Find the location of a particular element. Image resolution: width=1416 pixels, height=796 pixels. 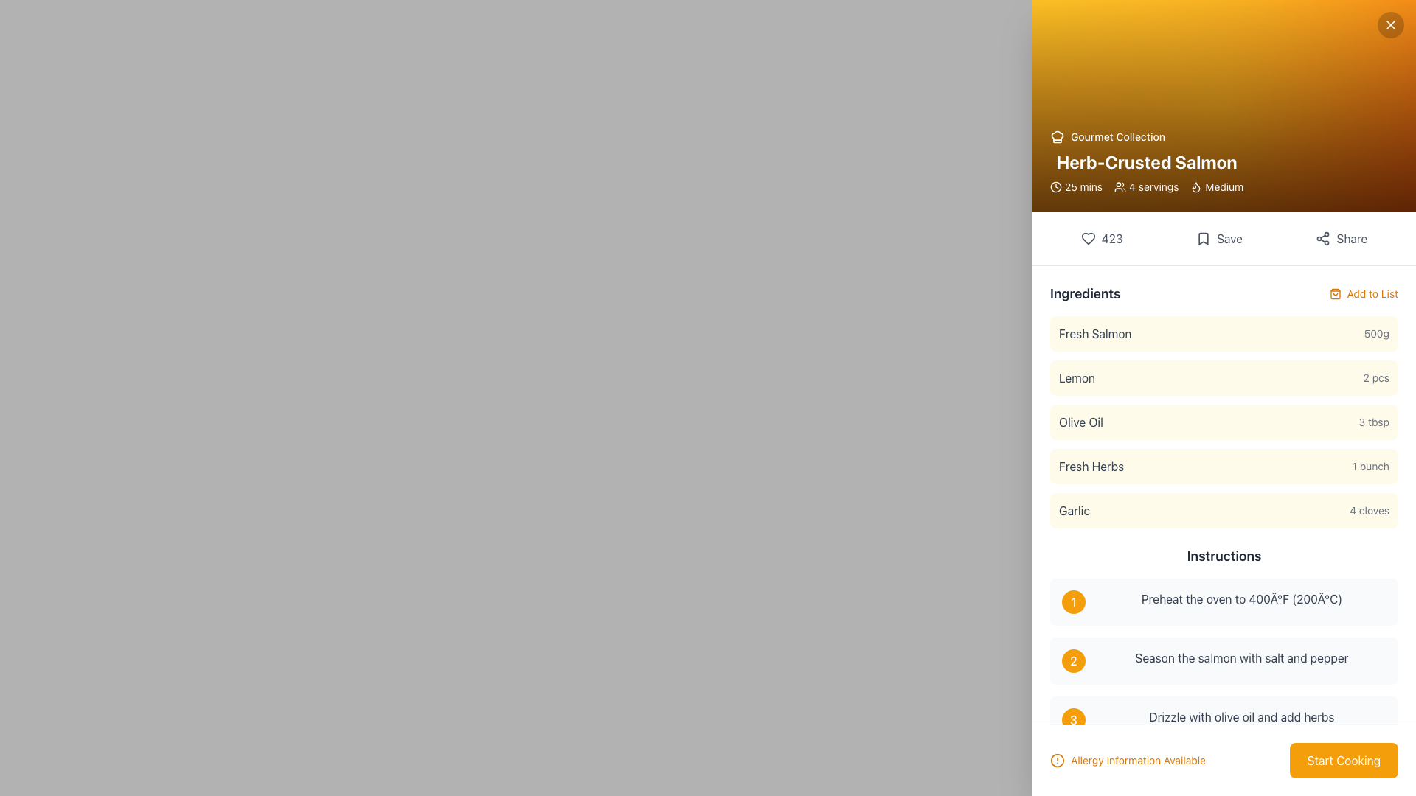

text from the Informational Label displaying the duration of time, which shows '25 mins' next to a clock icon is located at coordinates (1076, 186).